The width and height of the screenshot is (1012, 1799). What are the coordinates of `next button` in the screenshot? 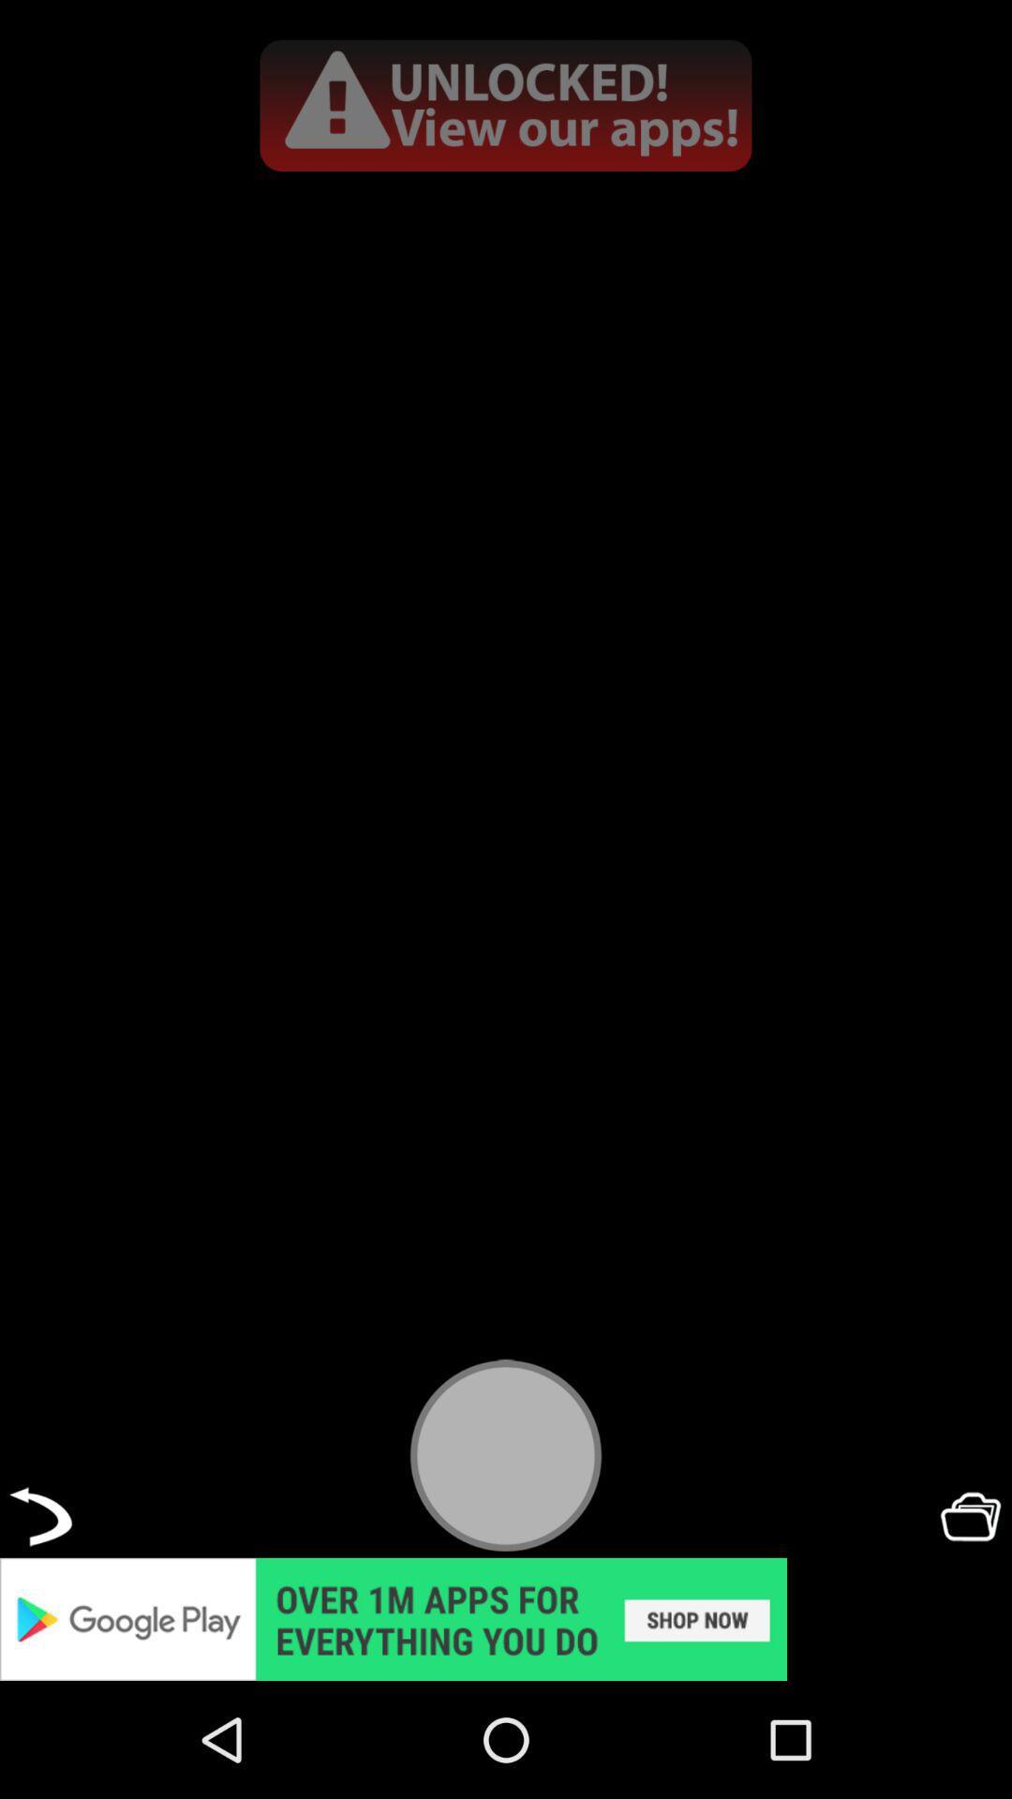 It's located at (40, 1516).